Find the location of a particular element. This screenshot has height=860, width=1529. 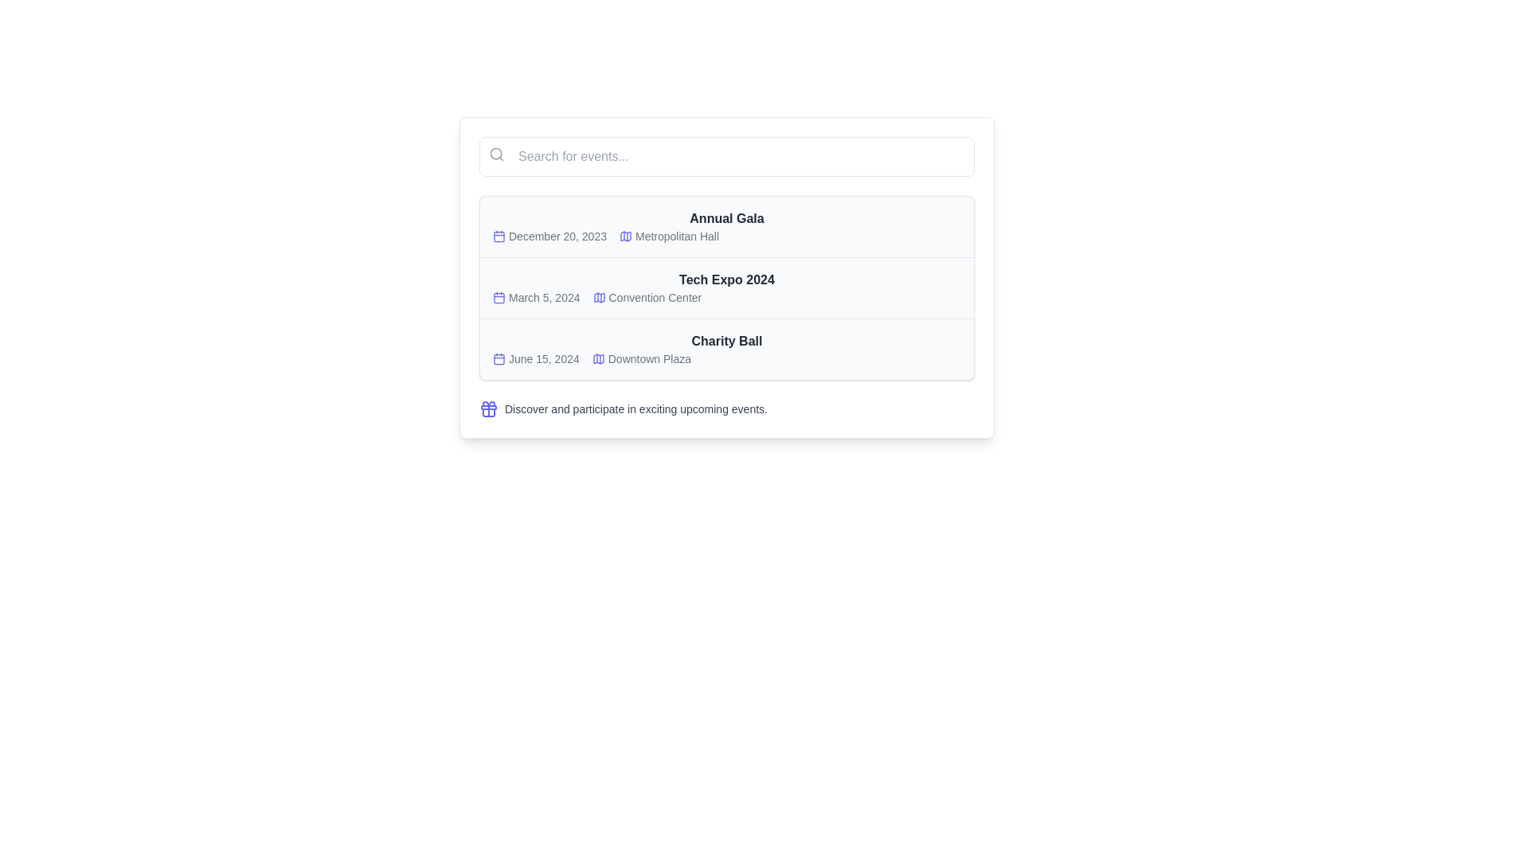

date information displayed in the Date display element, which shows 'December 20, 2023' next to a blue calendar icon is located at coordinates (549, 236).